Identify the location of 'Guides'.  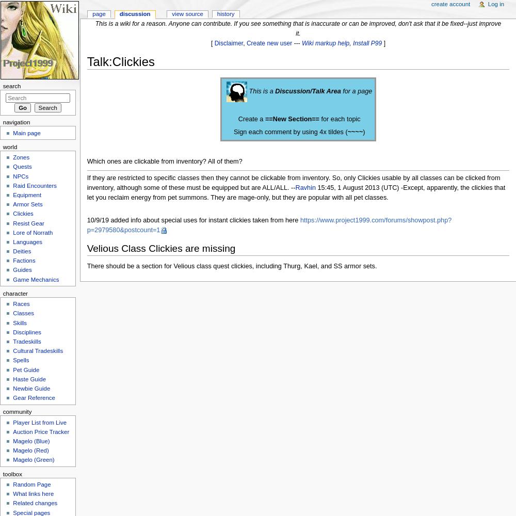
(22, 270).